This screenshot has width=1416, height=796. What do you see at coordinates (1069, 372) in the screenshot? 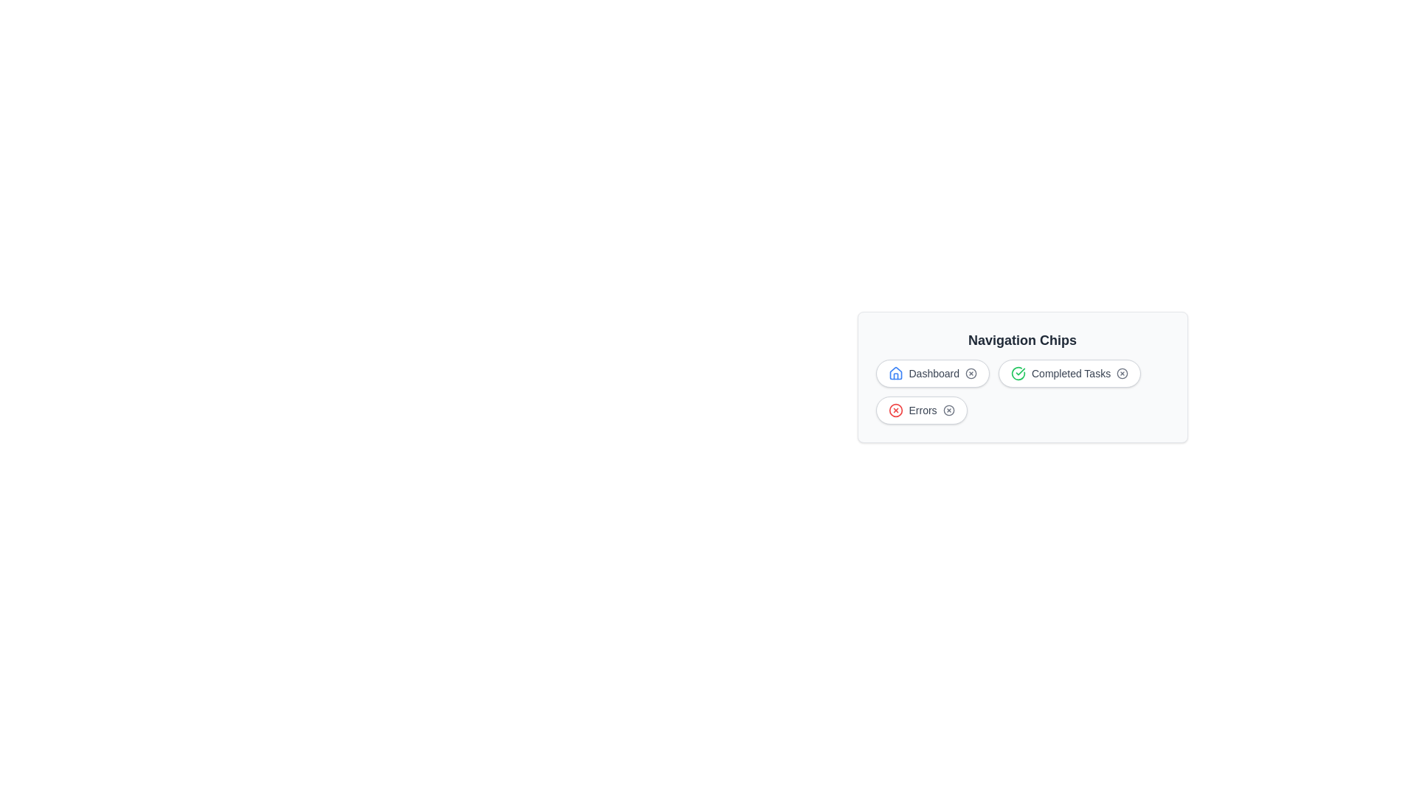
I see `the chip labeled Completed Tasks` at bounding box center [1069, 372].